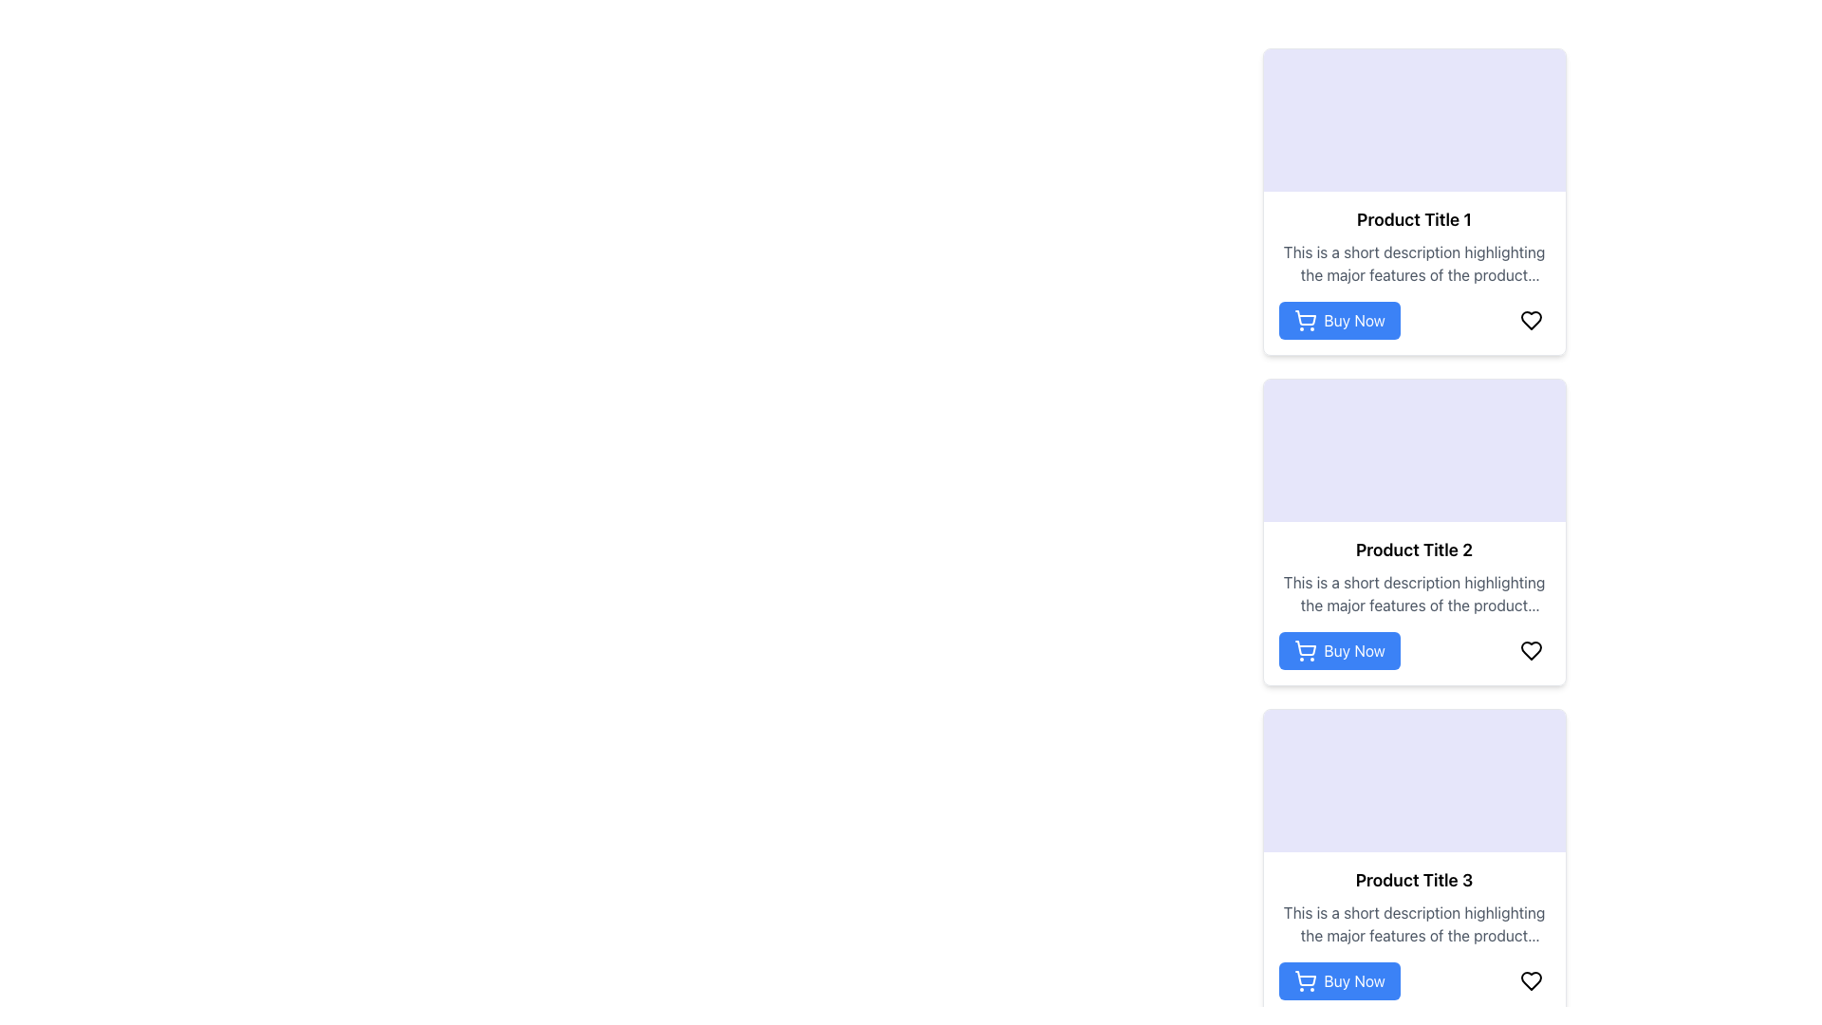 The height and width of the screenshot is (1025, 1822). What do you see at coordinates (1414, 263) in the screenshot?
I see `the Text Label that provides a short description under 'Product Title 1', which contains the text 'This is a short description highlighting the major features of the product shown above.'` at bounding box center [1414, 263].